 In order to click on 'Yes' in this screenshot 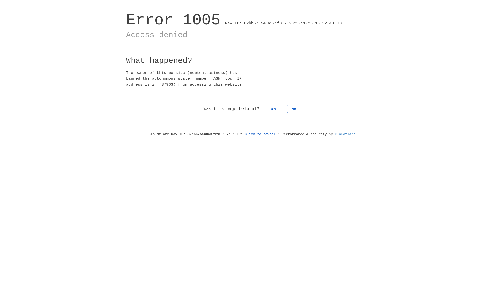, I will do `click(273, 108)`.